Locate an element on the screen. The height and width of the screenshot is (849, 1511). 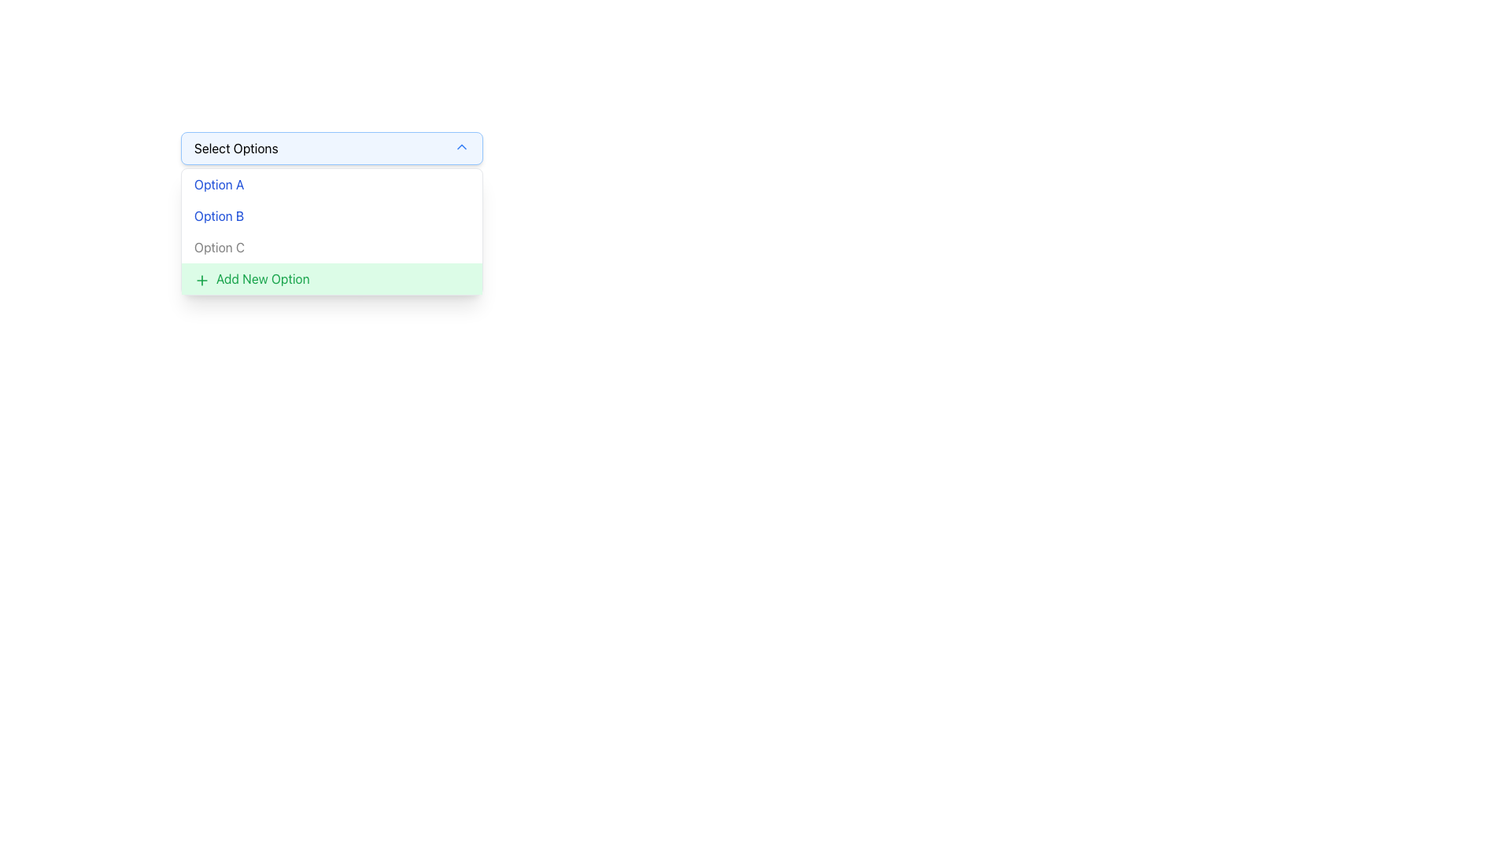
the text 'Option B' within the dropdown menu is located at coordinates (218, 215).